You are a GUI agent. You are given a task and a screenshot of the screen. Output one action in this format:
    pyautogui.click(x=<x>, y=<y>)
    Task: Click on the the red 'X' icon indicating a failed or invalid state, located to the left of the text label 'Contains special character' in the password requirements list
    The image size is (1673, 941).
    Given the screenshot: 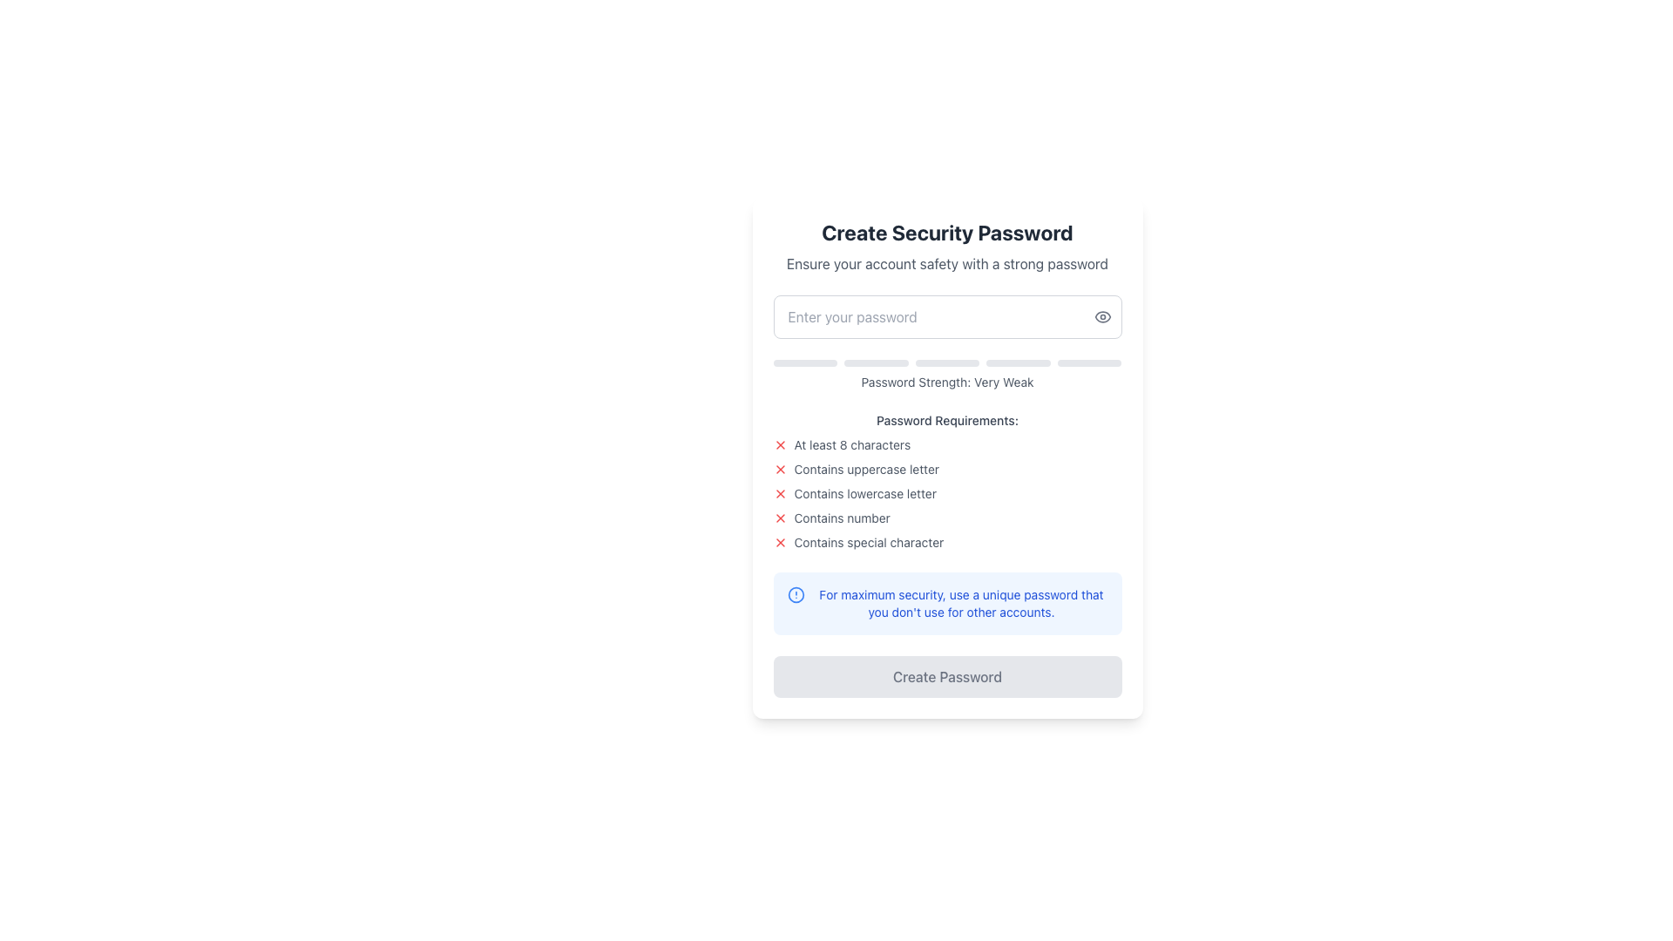 What is the action you would take?
    pyautogui.click(x=779, y=542)
    